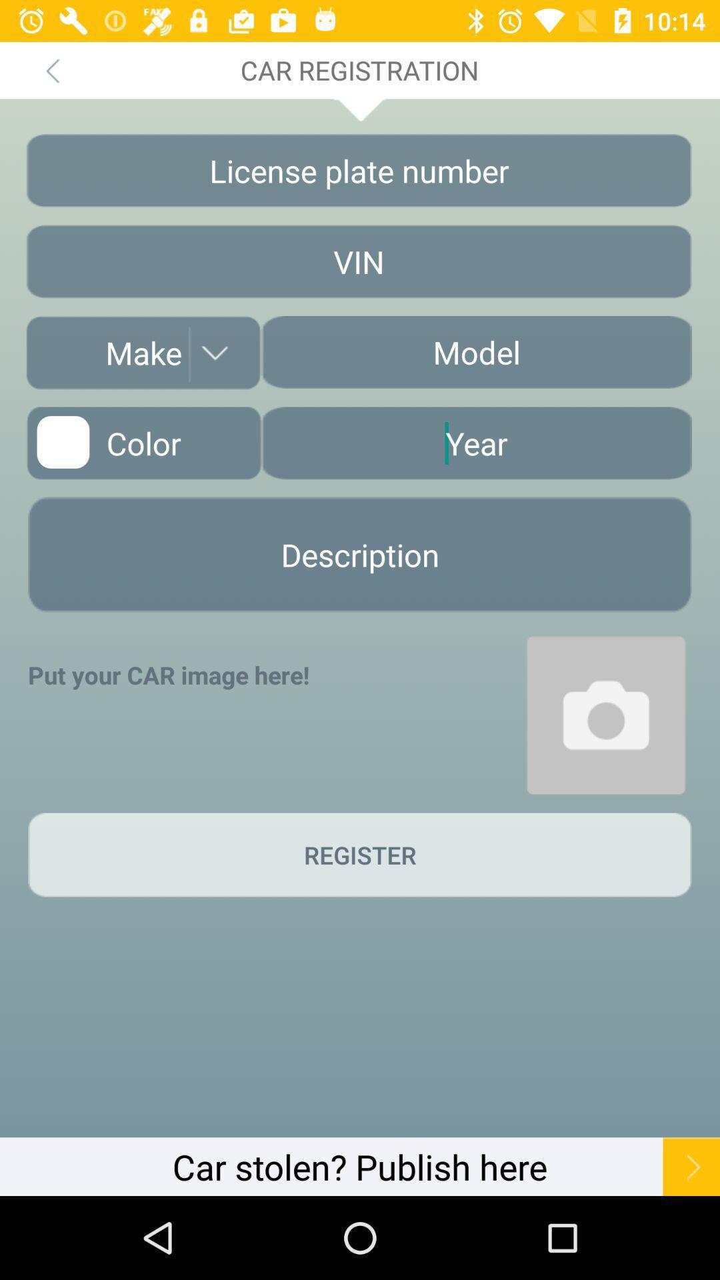 The height and width of the screenshot is (1280, 720). What do you see at coordinates (51, 69) in the screenshot?
I see `the arrow_backward icon` at bounding box center [51, 69].